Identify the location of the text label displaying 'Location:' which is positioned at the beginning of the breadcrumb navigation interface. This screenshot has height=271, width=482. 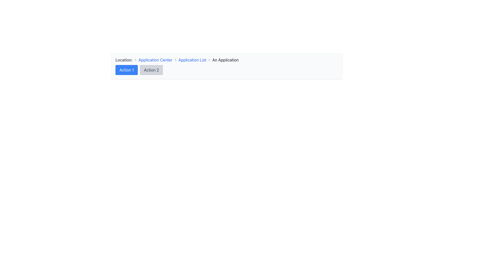
(124, 60).